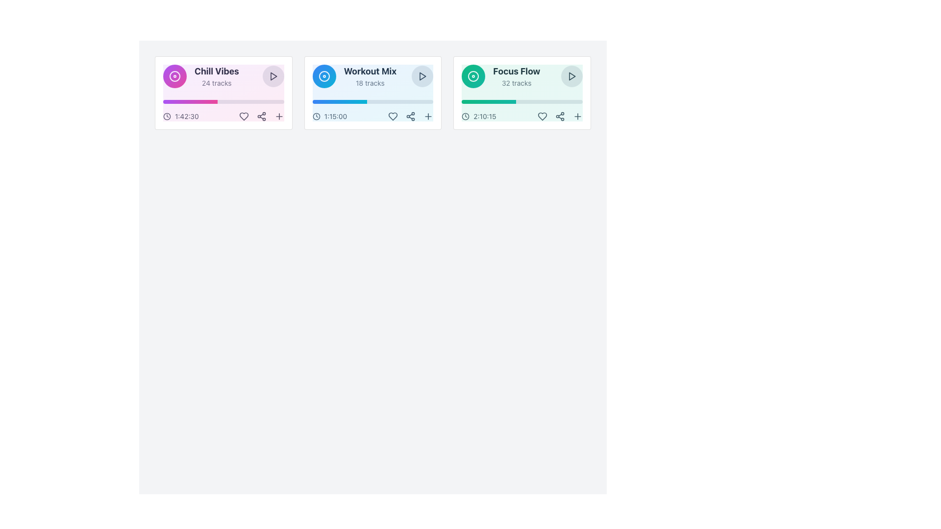 Image resolution: width=941 pixels, height=529 pixels. I want to click on the circular graphic icon component located at the center of the disc spinner within the 'Focus Flow' card, so click(473, 75).